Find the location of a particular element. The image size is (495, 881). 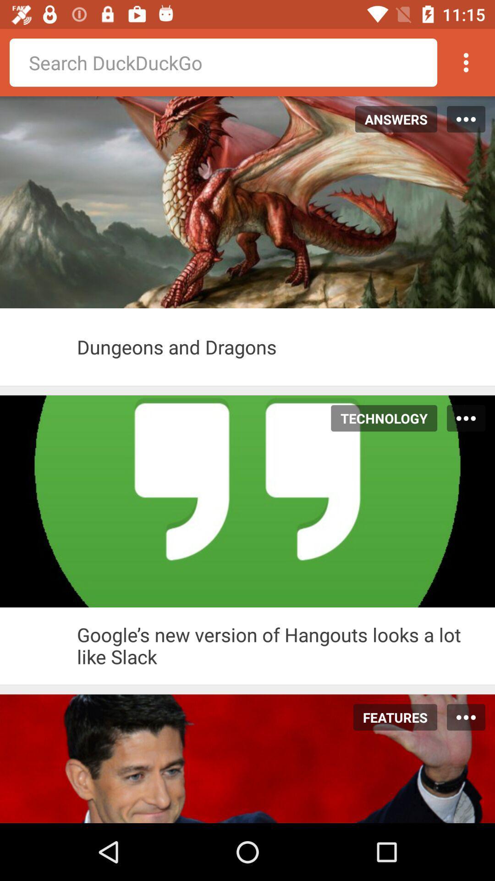

features is located at coordinates (390, 717).